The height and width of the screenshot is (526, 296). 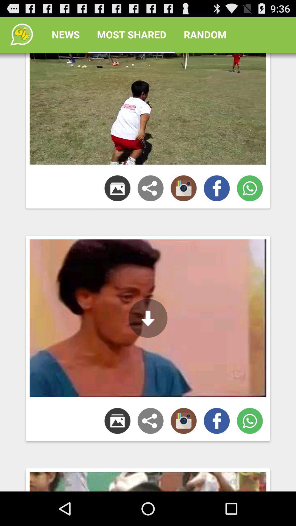 I want to click on the download icon shown on the second image from the top, so click(x=148, y=318).